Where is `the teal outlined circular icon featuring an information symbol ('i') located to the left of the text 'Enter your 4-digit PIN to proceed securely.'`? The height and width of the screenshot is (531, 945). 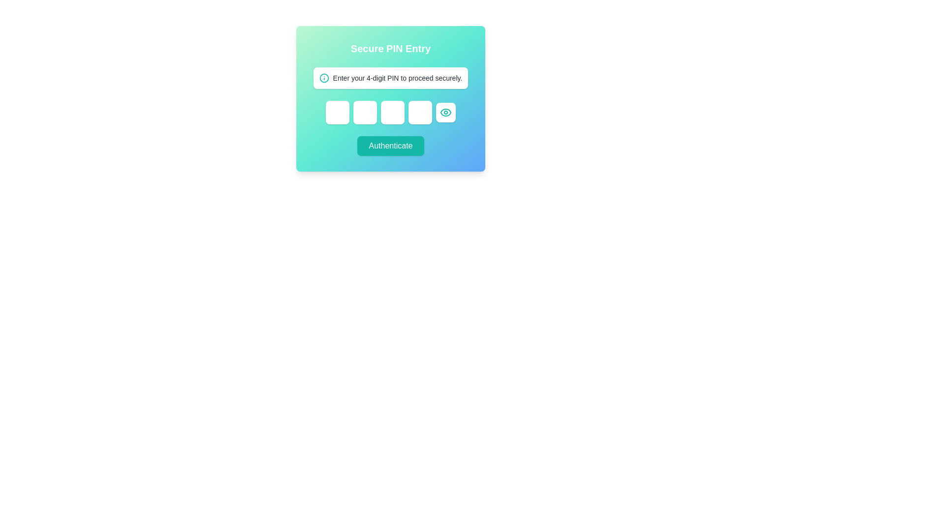 the teal outlined circular icon featuring an information symbol ('i') located to the left of the text 'Enter your 4-digit PIN to proceed securely.' is located at coordinates (324, 77).